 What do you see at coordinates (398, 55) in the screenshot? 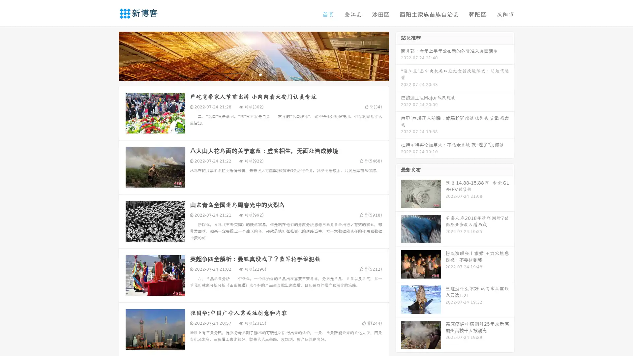
I see `Next slide` at bounding box center [398, 55].